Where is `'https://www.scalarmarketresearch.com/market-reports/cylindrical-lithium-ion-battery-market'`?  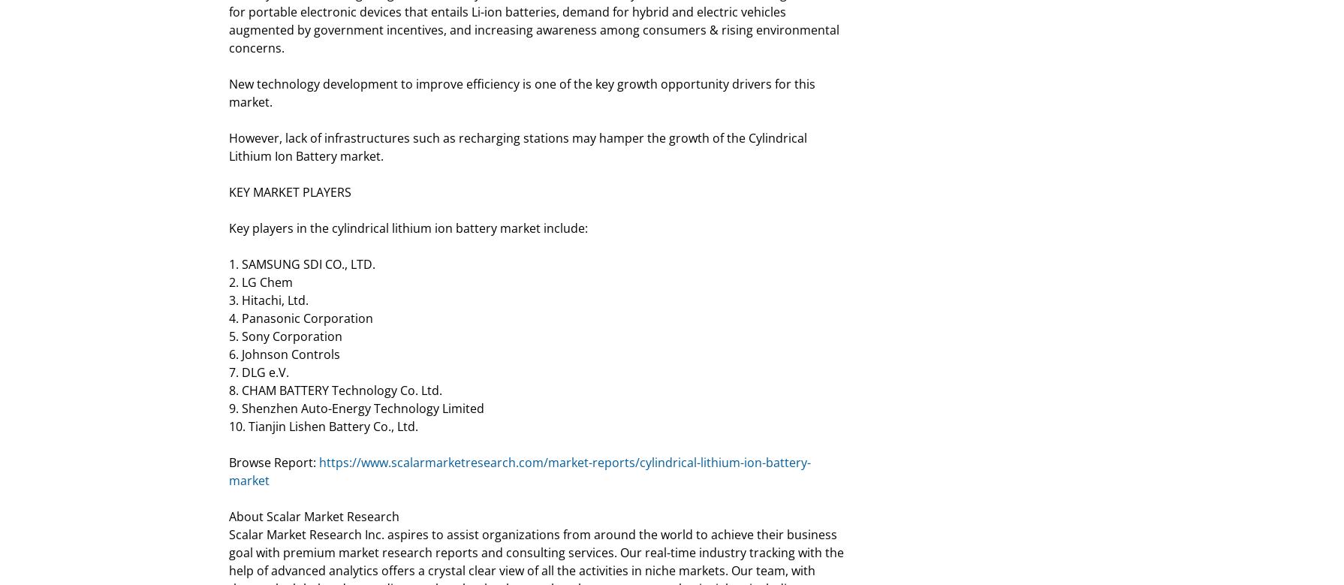 'https://www.scalarmarketresearch.com/market-reports/cylindrical-lithium-ion-battery-market' is located at coordinates (519, 472).